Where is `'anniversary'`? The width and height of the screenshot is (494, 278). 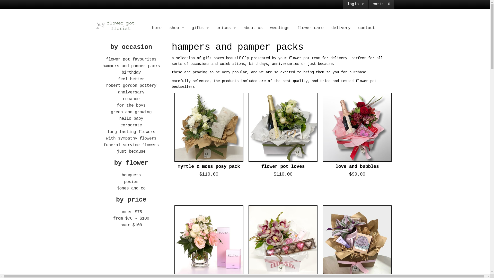 'anniversary' is located at coordinates (118, 92).